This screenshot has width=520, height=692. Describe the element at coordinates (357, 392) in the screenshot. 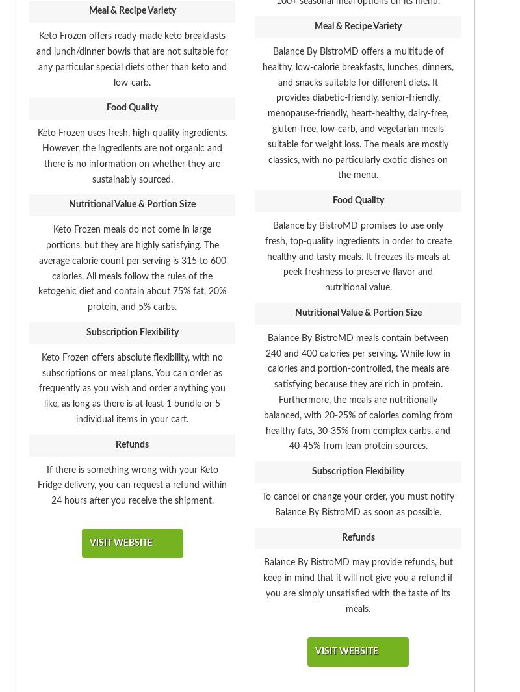

I see `'Balance By BistroMD meals contain between 240 and 400 calories per serving. While low in calories and portion-controlled, the meals are satisfying because they are rich in protein. Furthermore, the meals are nutritionally balanced, with 20-25% of calories coming from healthy fats, 30-35% from complex carbs, and 40-45% from lean protein sources.'` at that location.